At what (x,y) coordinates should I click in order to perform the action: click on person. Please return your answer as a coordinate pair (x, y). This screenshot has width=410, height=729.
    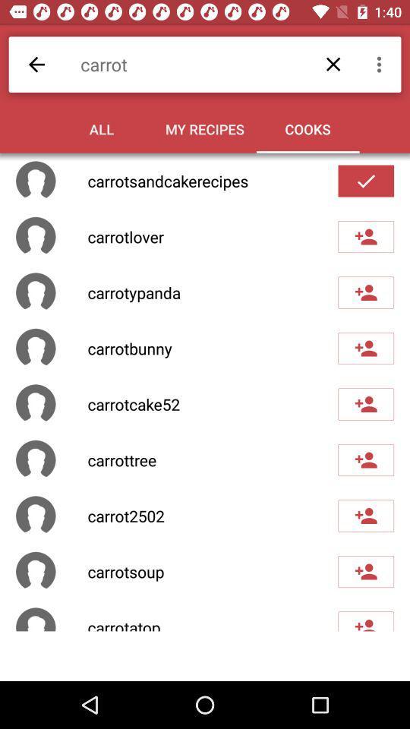
    Looking at the image, I should click on (365, 237).